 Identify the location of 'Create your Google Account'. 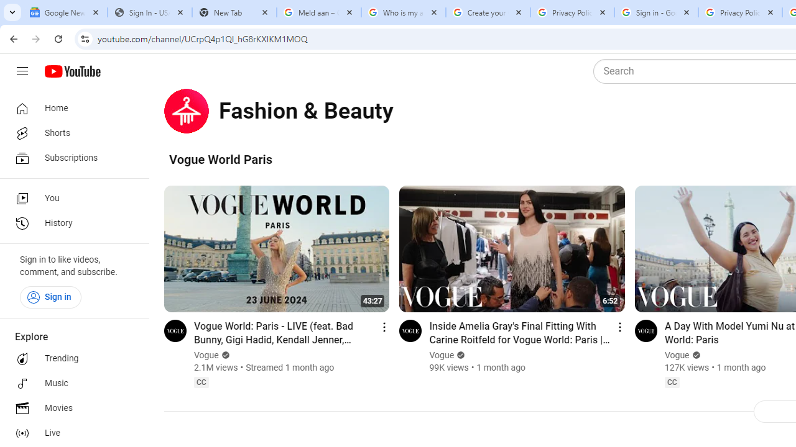
(487, 12).